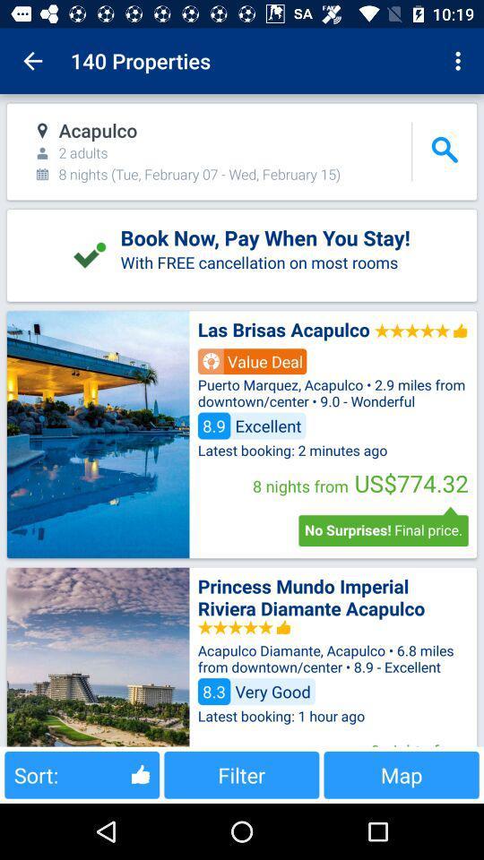 The width and height of the screenshot is (484, 860). Describe the element at coordinates (98, 656) in the screenshot. I see `enlarge picture` at that location.